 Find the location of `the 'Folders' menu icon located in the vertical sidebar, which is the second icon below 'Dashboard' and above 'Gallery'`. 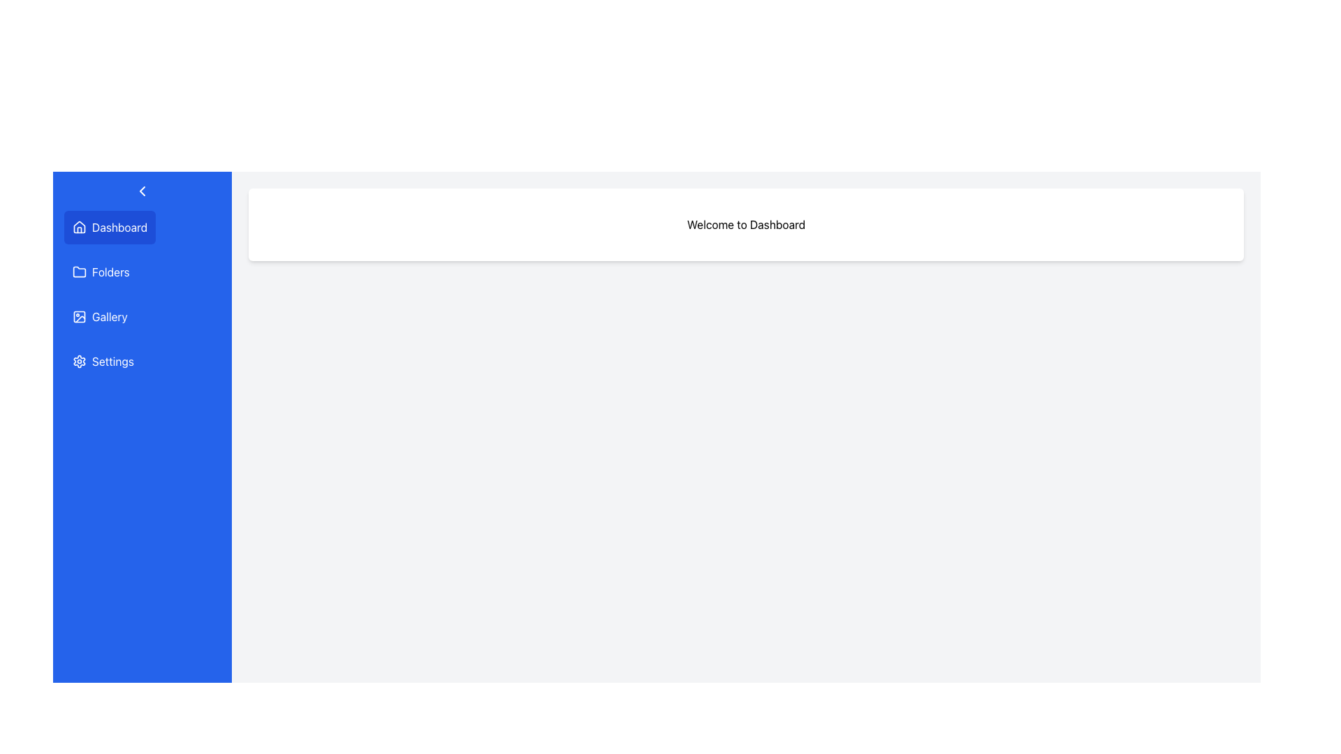

the 'Folders' menu icon located in the vertical sidebar, which is the second icon below 'Dashboard' and above 'Gallery' is located at coordinates (79, 272).